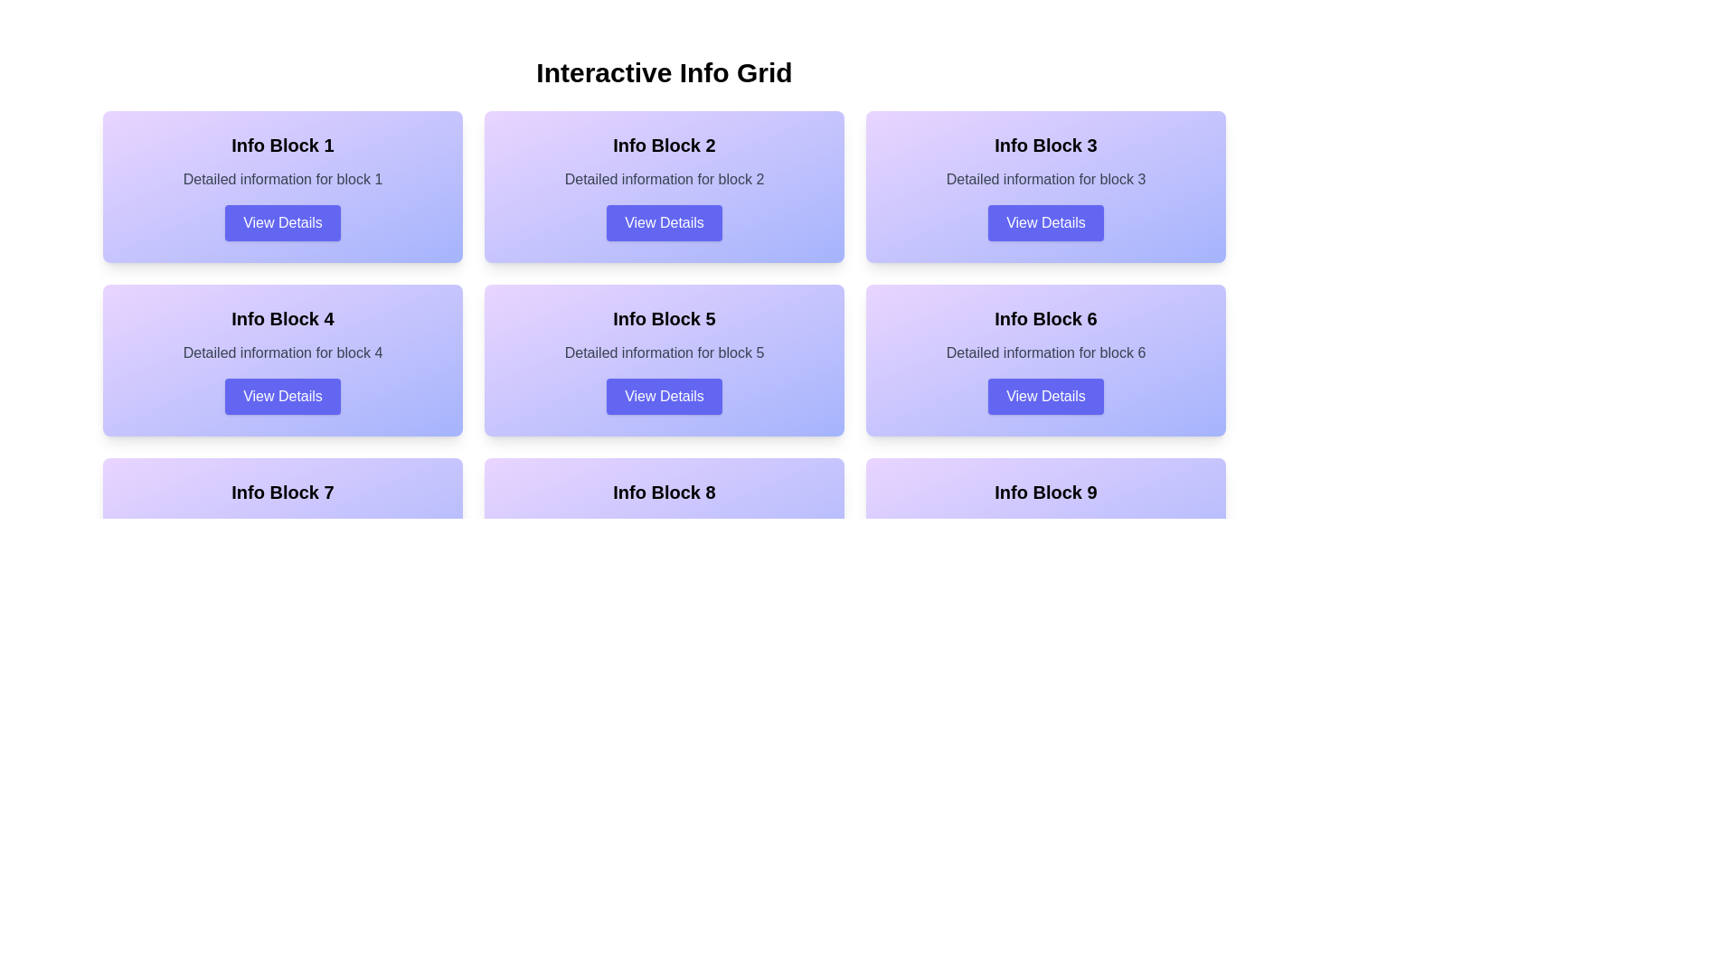 This screenshot has height=976, width=1736. What do you see at coordinates (281, 180) in the screenshot?
I see `the static text block element reading 'Detailed information for block 1', which is styled in gray and located below the title 'Info Block 1'` at bounding box center [281, 180].